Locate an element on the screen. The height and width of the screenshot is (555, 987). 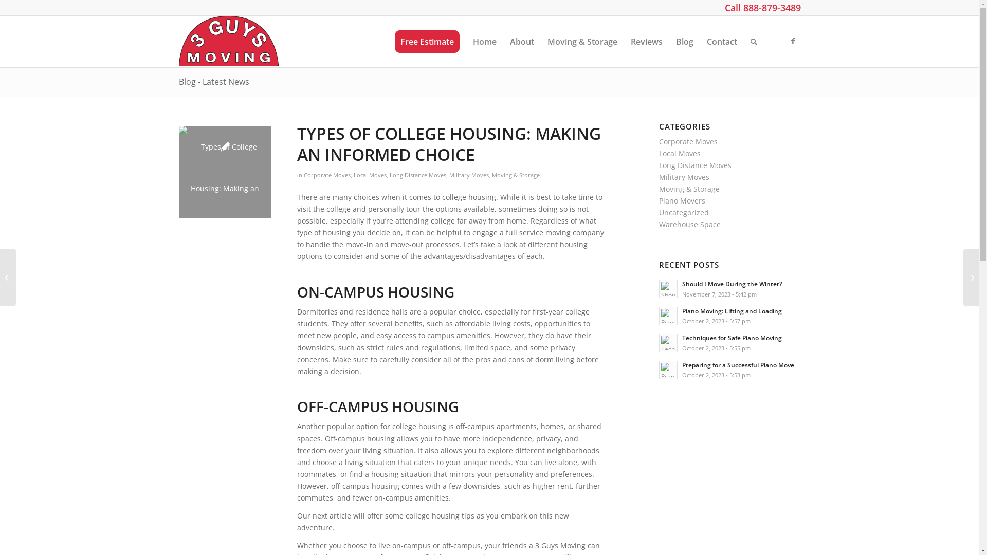
'Warehouse Space' is located at coordinates (690, 224).